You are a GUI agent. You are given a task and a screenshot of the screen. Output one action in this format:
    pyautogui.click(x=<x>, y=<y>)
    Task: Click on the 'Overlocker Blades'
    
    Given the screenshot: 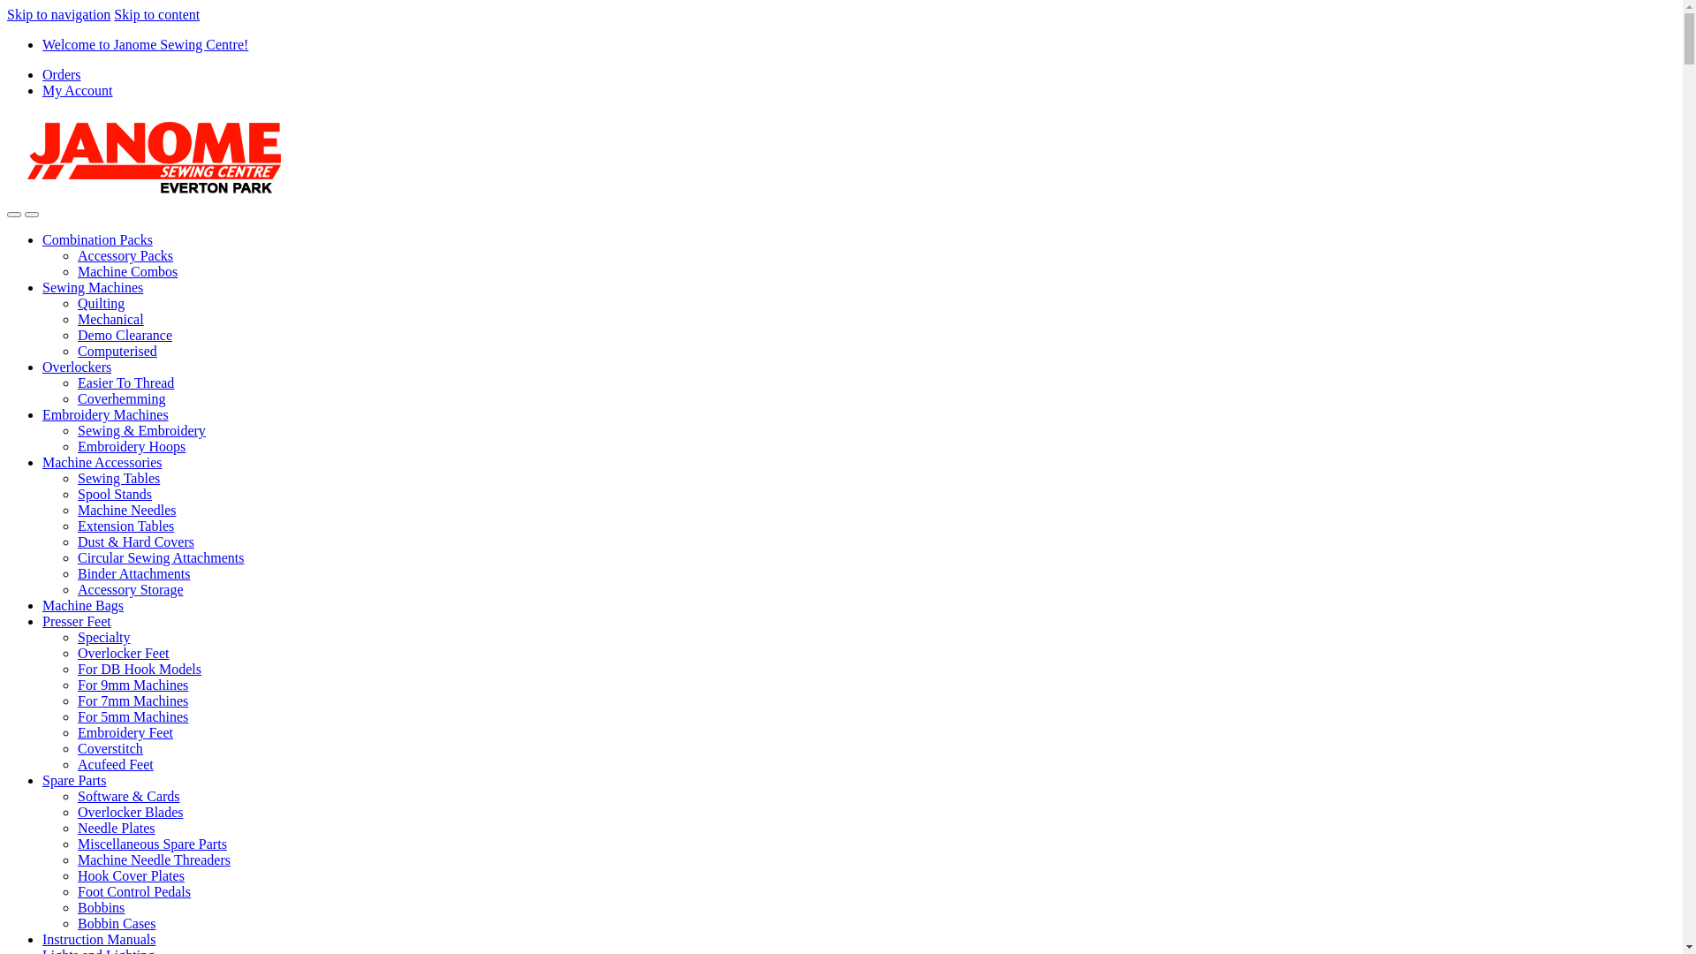 What is the action you would take?
    pyautogui.click(x=130, y=812)
    